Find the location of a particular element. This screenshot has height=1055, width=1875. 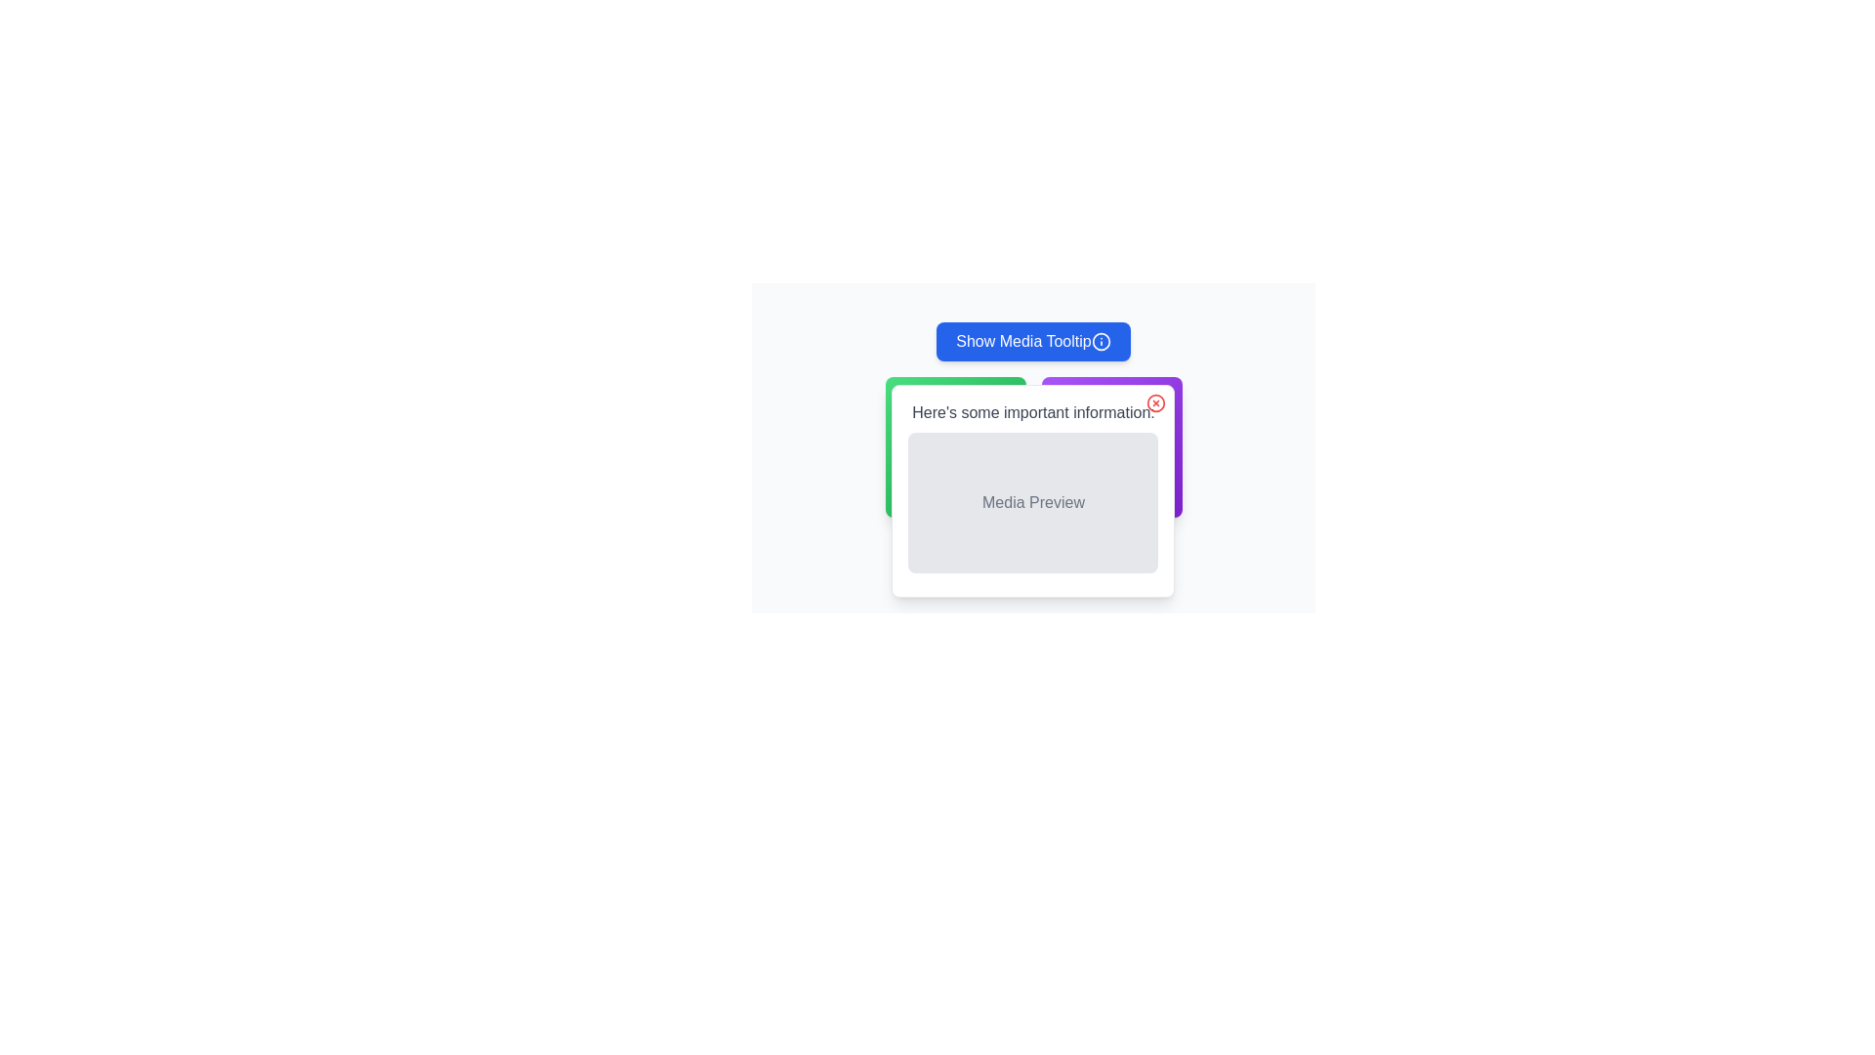

the descriptive text label that provides information or context related to media content, centrally positioned within a light-gray rectangular section with rounded corners is located at coordinates (1032, 502).